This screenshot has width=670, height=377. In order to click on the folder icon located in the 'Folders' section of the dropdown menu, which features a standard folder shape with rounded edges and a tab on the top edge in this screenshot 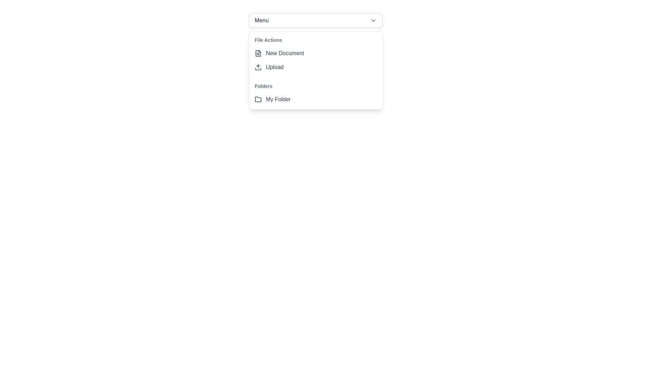, I will do `click(258, 99)`.